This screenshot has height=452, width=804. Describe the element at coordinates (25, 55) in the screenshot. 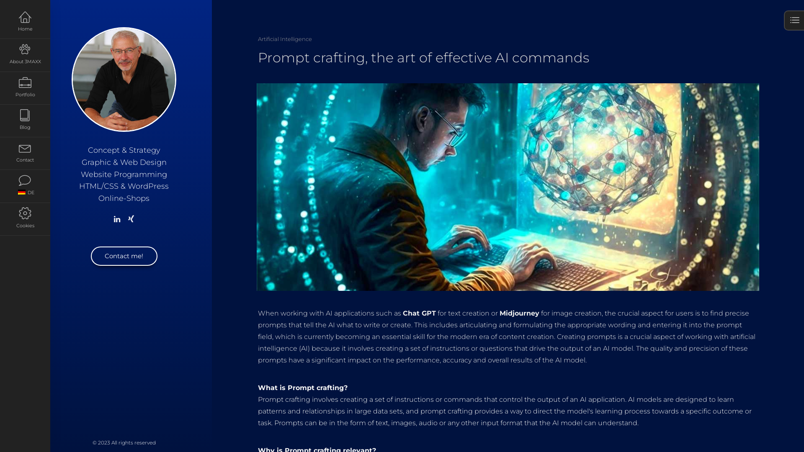

I see `'About 3MAXX'` at that location.